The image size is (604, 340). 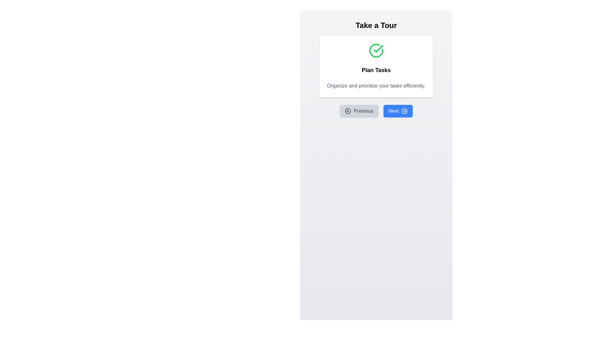 What do you see at coordinates (404, 111) in the screenshot?
I see `the 'Next' button by clicking on the SVG icon that visually represents proceeding to the next step` at bounding box center [404, 111].